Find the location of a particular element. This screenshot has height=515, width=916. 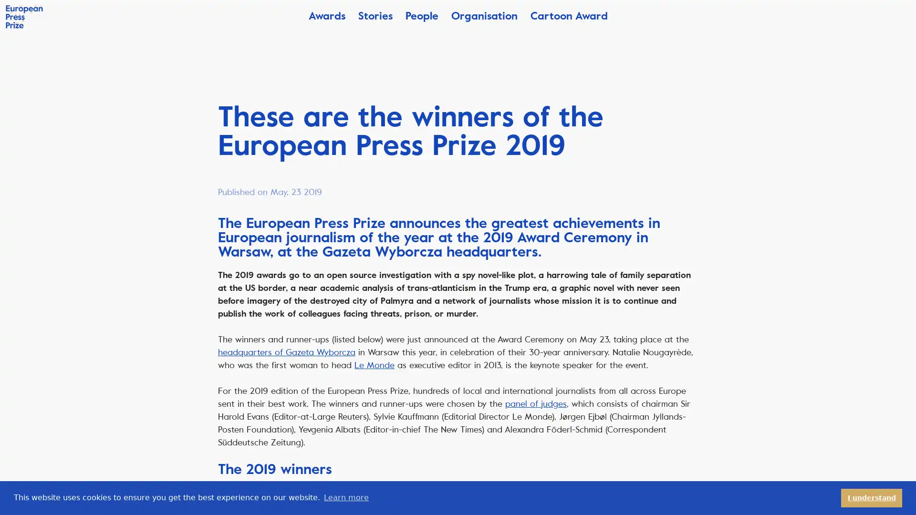

learn more about cookies is located at coordinates (345, 497).